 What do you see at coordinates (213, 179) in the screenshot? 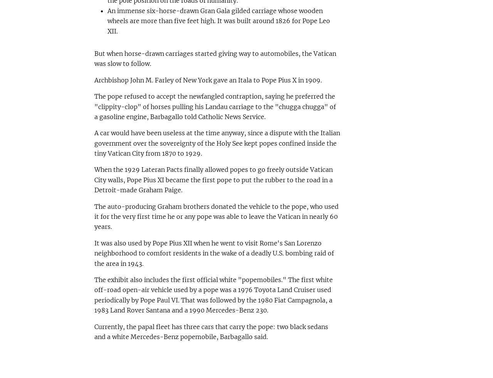
I see `'When the 1929 Lateran Pacts finally allowed popes to go freely outside Vatican City walls, Pope Pius XI became the first pope to put the rubber to the road in a Detroit-made Graham Paige.'` at bounding box center [213, 179].